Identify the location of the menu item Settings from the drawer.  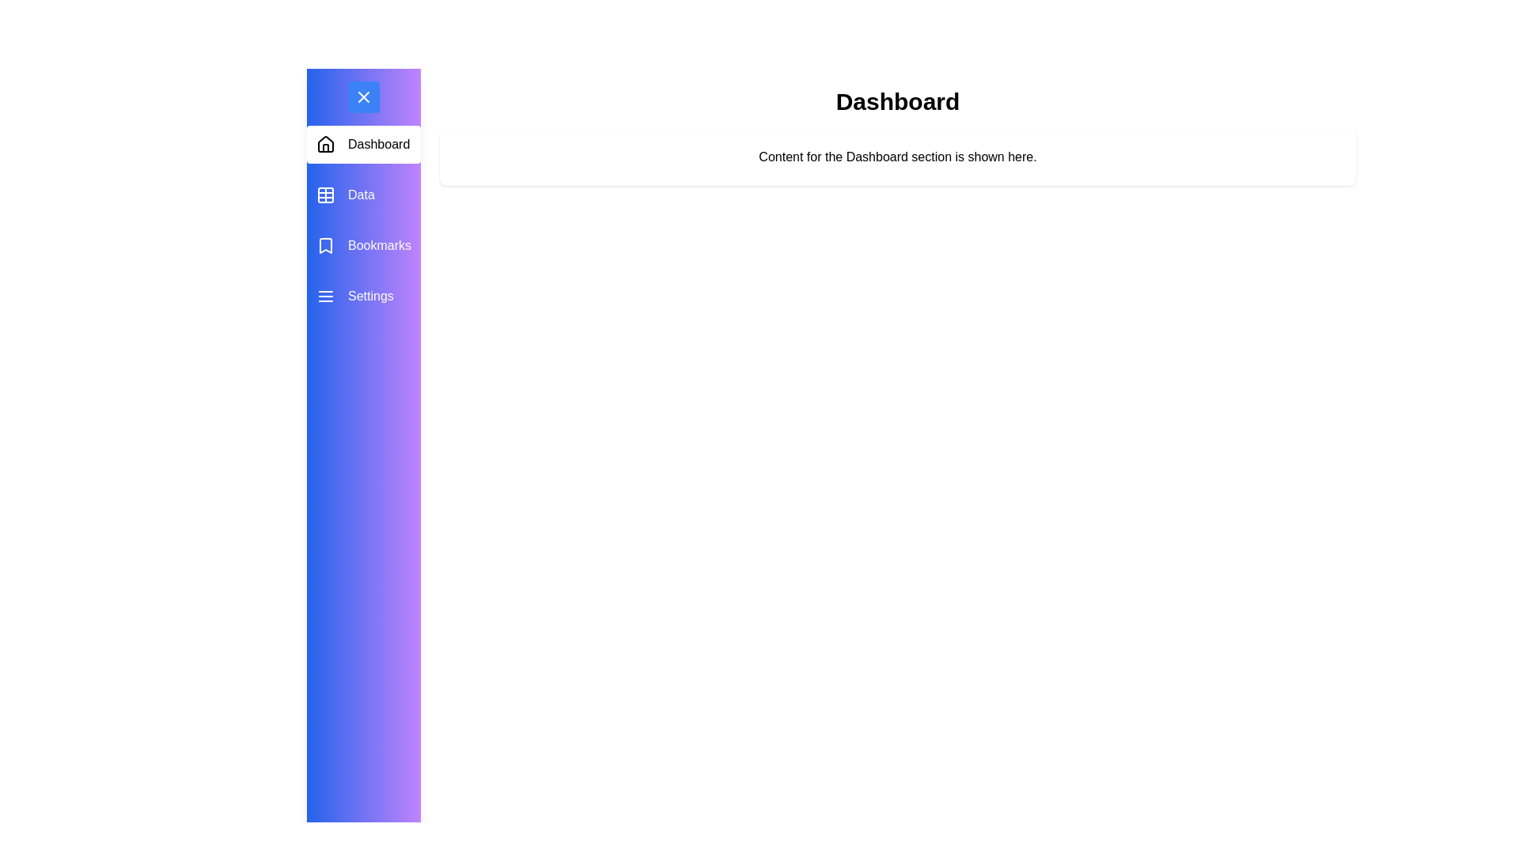
(363, 296).